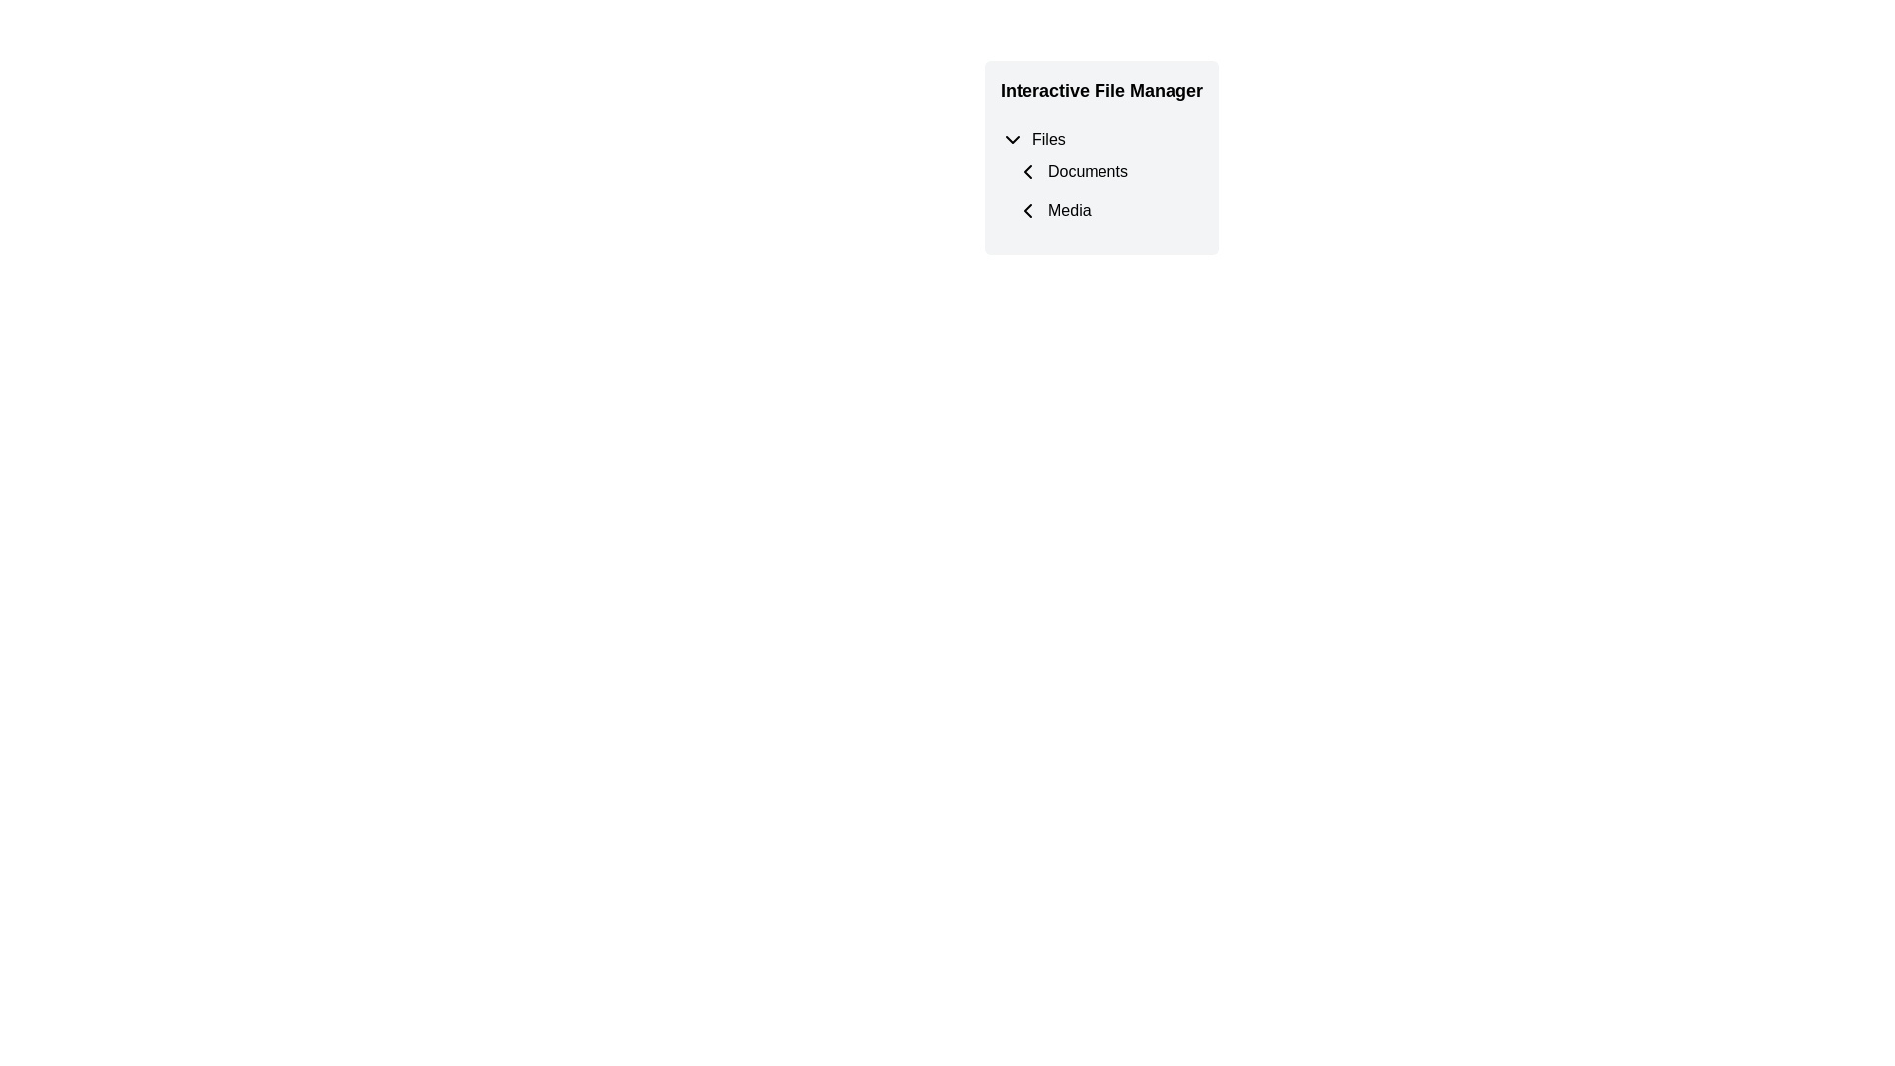  Describe the element at coordinates (1013, 139) in the screenshot. I see `the downward-facing chevron toggle icon located to the left of the 'Files' label in the file group accordion header` at that location.